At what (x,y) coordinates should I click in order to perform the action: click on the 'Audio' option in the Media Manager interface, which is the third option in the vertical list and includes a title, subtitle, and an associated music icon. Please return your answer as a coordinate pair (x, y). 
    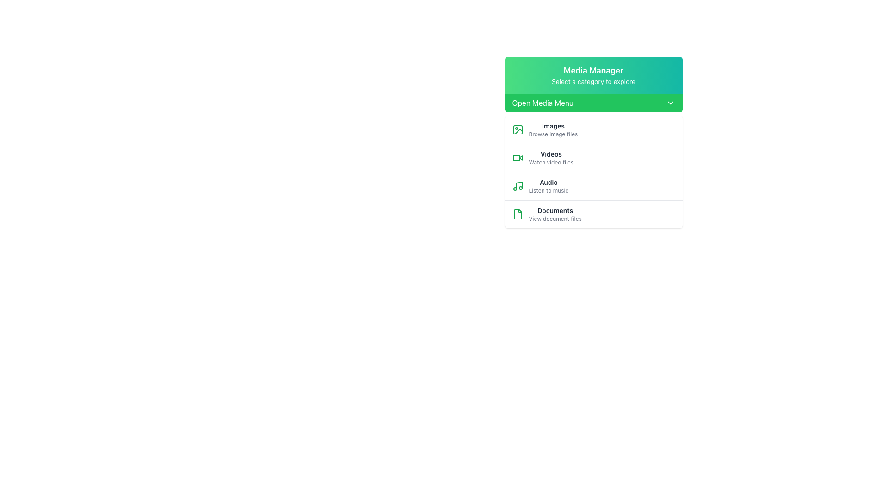
    Looking at the image, I should click on (549, 186).